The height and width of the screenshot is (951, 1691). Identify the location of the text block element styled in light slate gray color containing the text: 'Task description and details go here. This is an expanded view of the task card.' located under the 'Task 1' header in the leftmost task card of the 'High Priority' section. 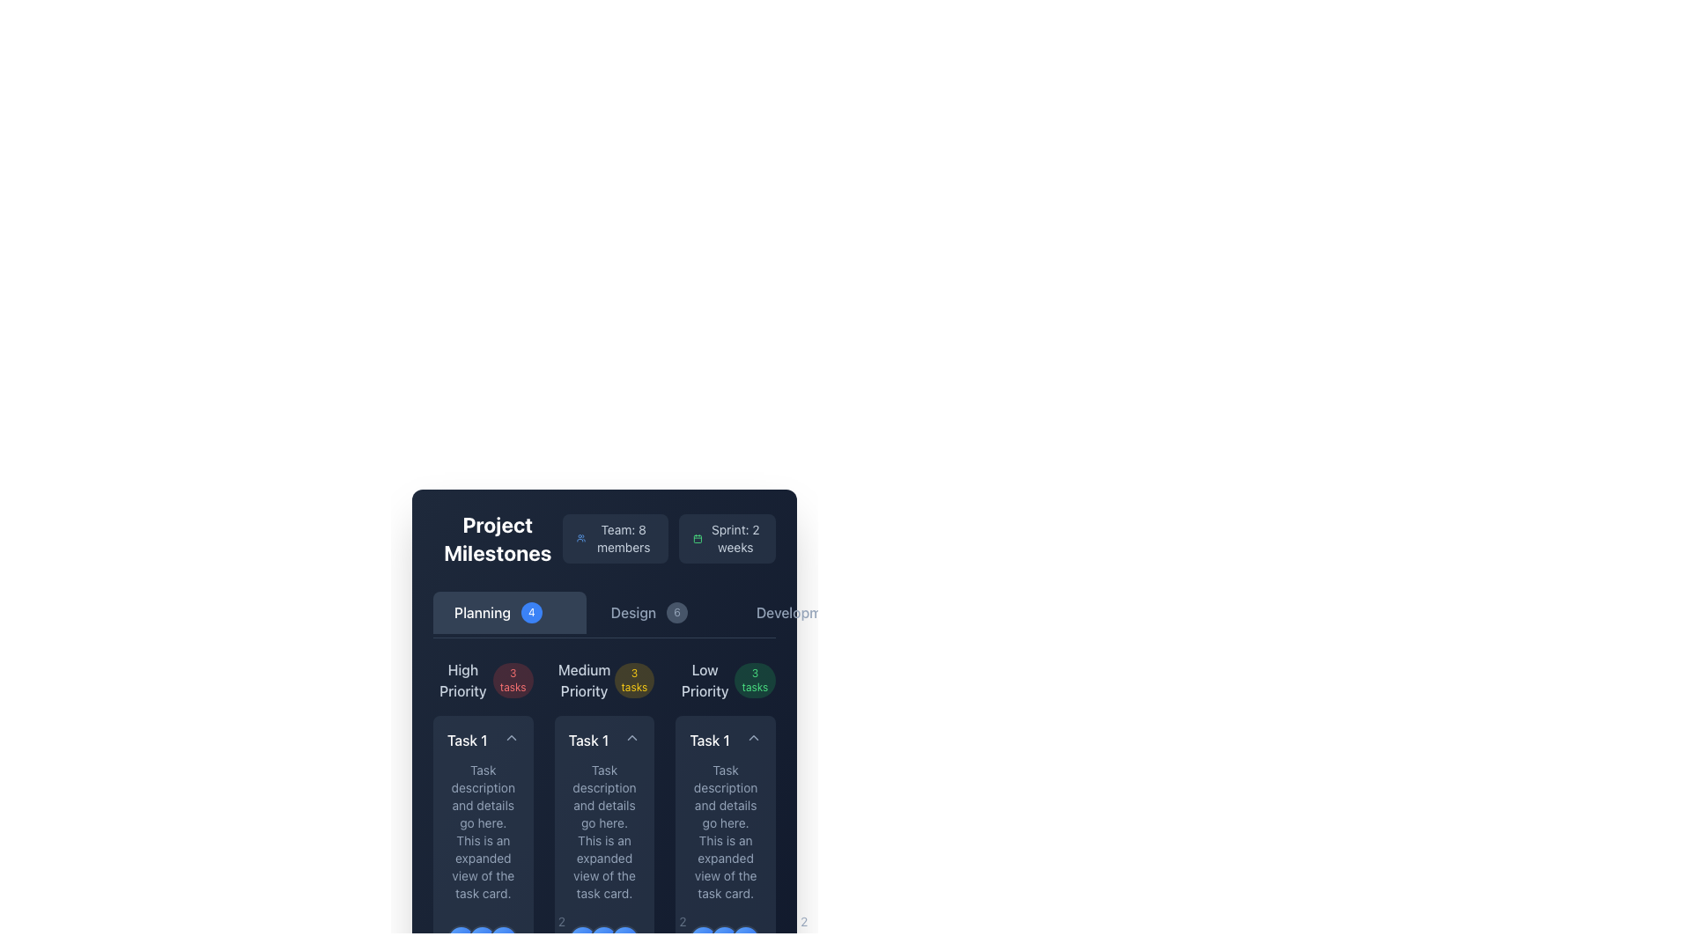
(483, 832).